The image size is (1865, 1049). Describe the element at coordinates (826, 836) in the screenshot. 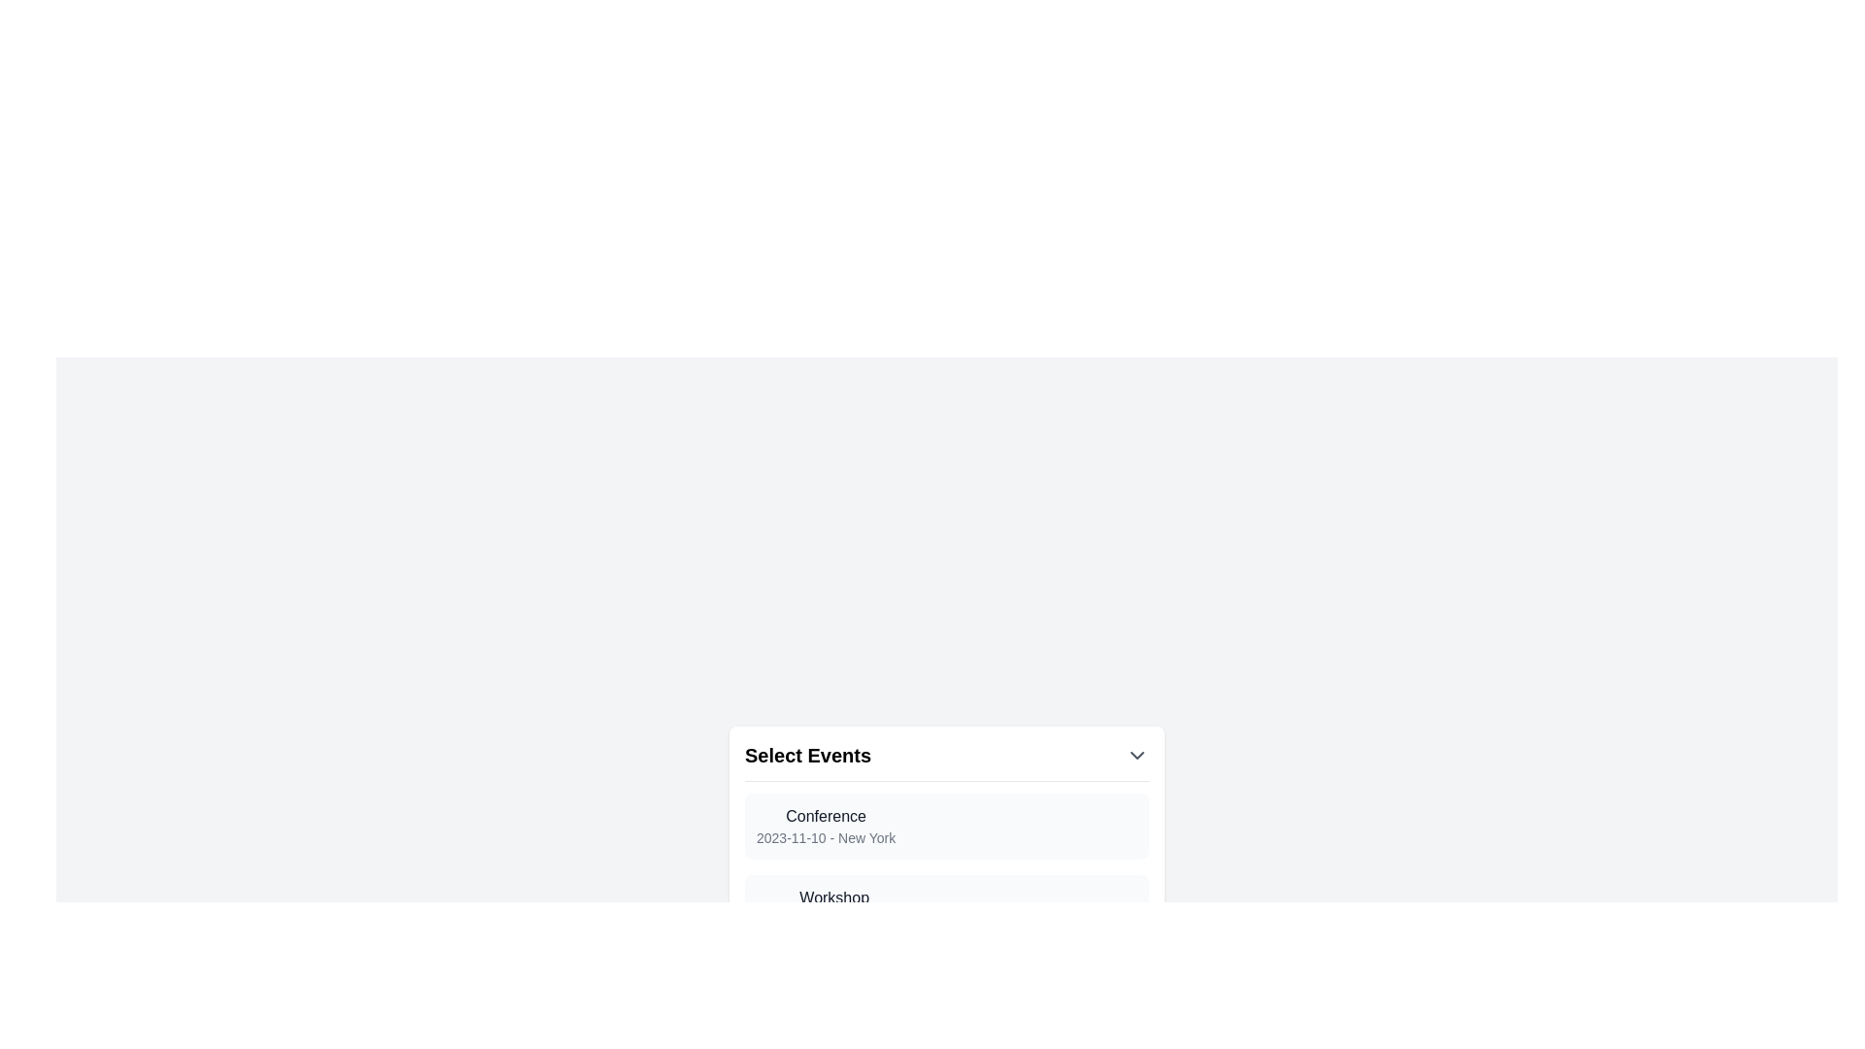

I see `the Text label that displays detailed date and location information related to the event below the 'Conference' label in the 'Select Events' dropdown interface` at that location.